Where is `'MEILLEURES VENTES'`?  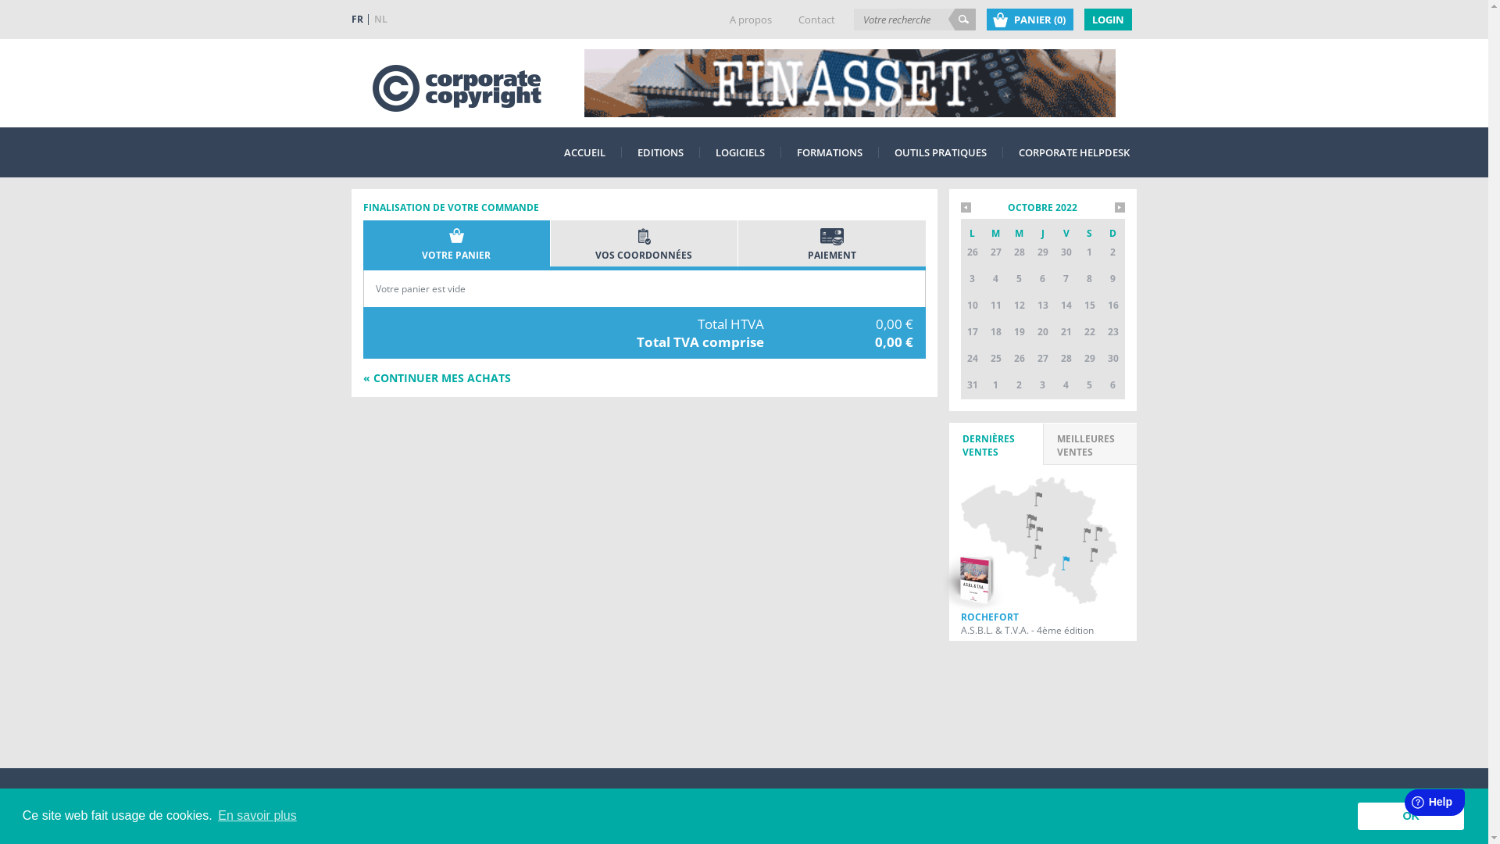
'MEILLEURES VENTES' is located at coordinates (1089, 443).